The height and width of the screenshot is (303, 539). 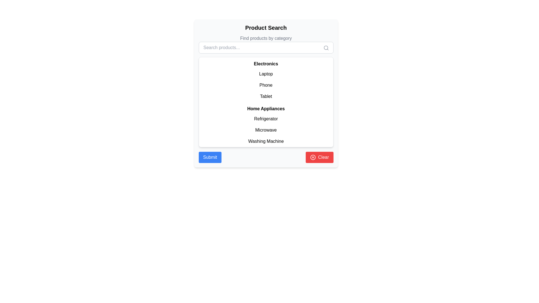 I want to click on the search icon located in the top-right corner of the search input field labeled 'Search products...', which is positioned just below the 'Find products by category' label, so click(x=326, y=47).